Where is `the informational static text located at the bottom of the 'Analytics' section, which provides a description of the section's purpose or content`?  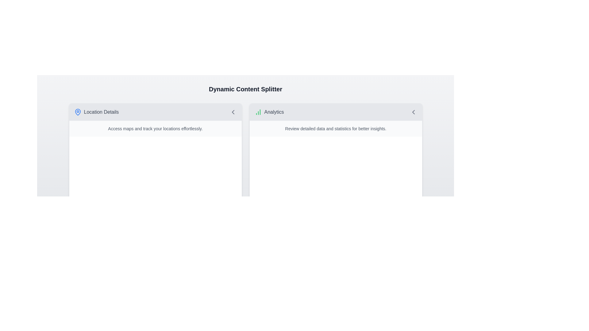 the informational static text located at the bottom of the 'Analytics' section, which provides a description of the section's purpose or content is located at coordinates (335, 128).